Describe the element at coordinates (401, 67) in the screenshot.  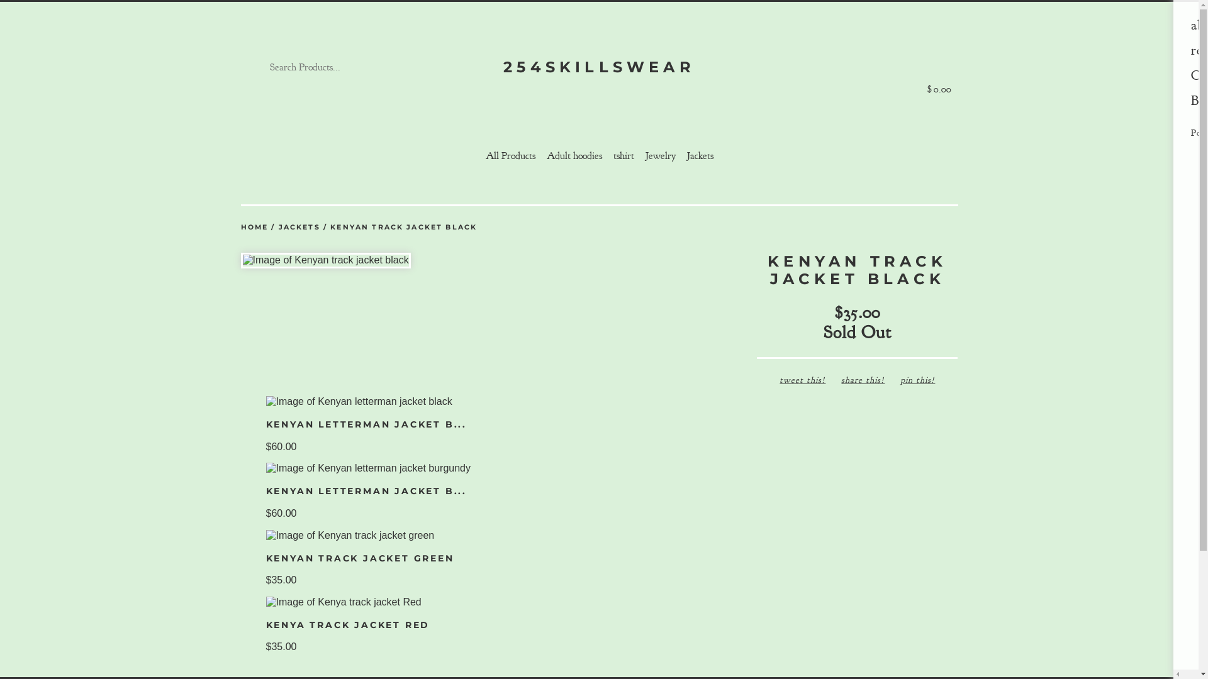
I see `'Go'` at that location.